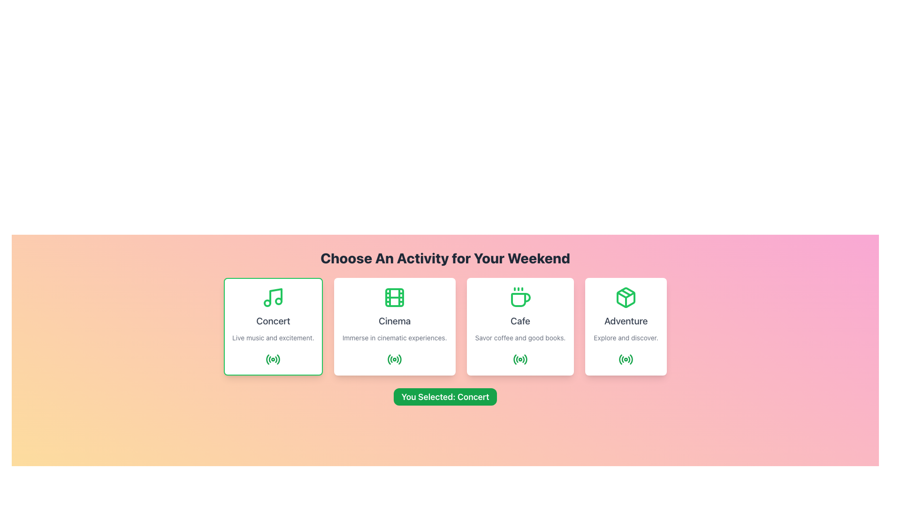 This screenshot has height=507, width=901. I want to click on the green circular icon resembling a radio signal located at the bottom center of the 'Concert' card, directly below the label 'Live music and excitement.', so click(273, 359).